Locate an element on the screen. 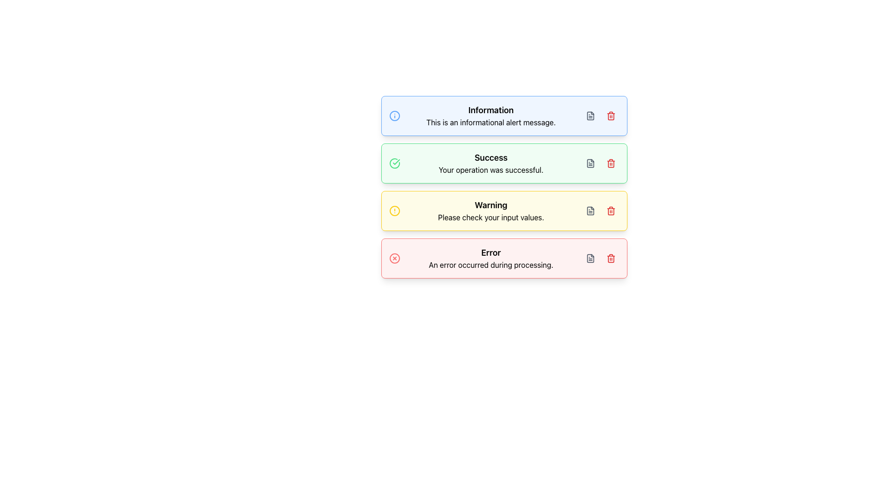 Image resolution: width=895 pixels, height=503 pixels. the delete icon button located on the rightmost side of the 'Information' alert box is located at coordinates (611, 116).